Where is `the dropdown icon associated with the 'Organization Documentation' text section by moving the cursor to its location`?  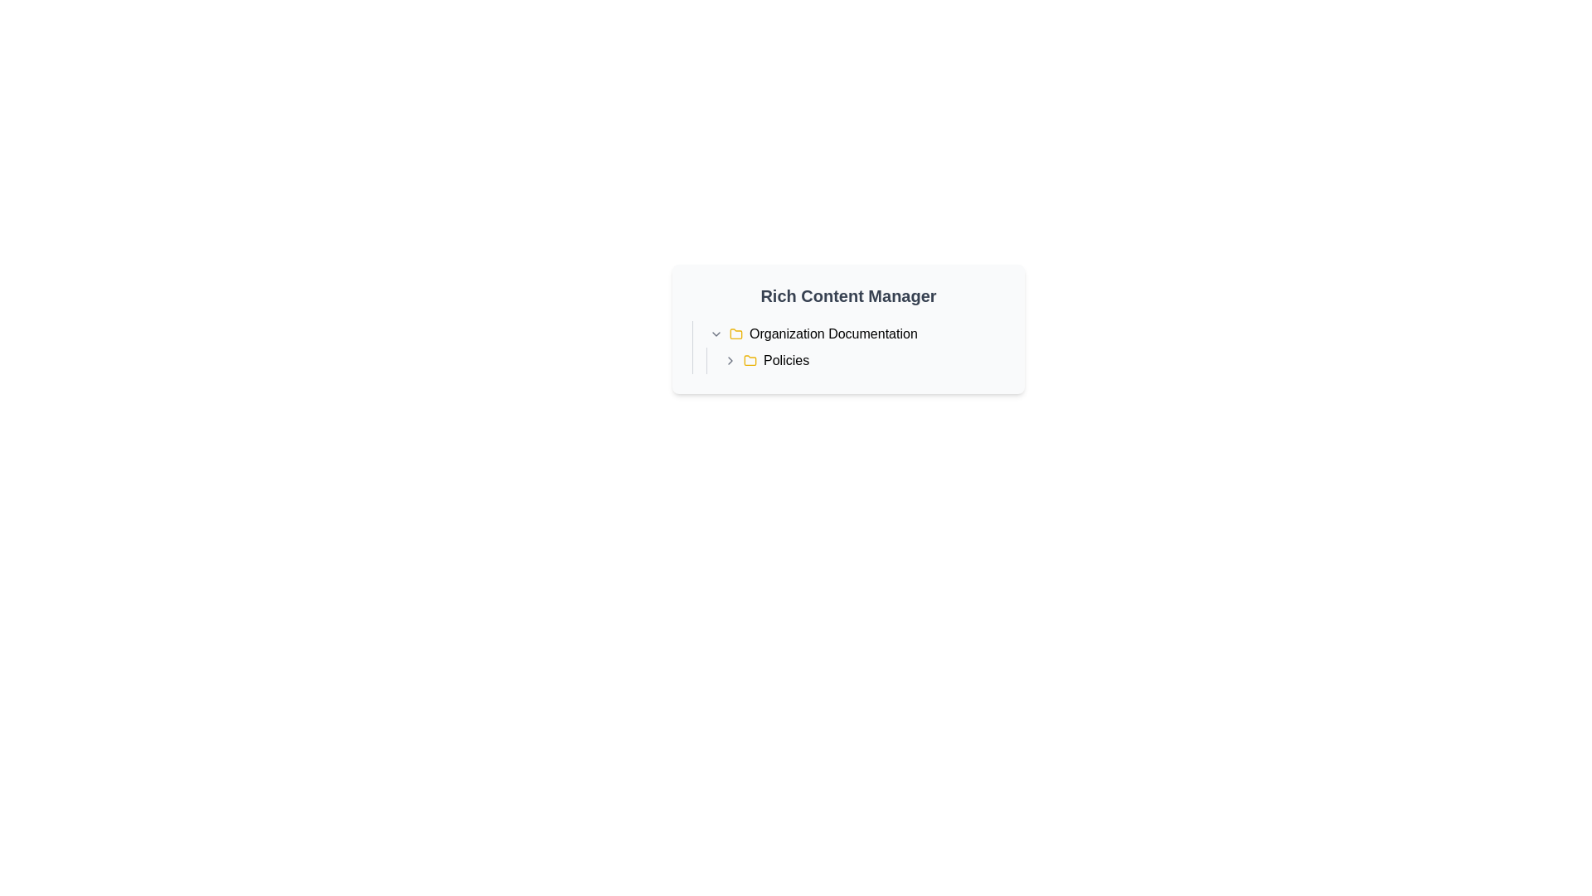
the dropdown icon associated with the 'Organization Documentation' text section by moving the cursor to its location is located at coordinates (716, 334).